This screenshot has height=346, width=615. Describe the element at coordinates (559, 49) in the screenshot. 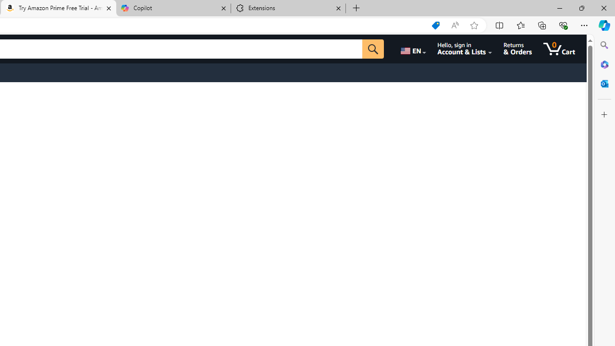

I see `'0 items in cart'` at that location.